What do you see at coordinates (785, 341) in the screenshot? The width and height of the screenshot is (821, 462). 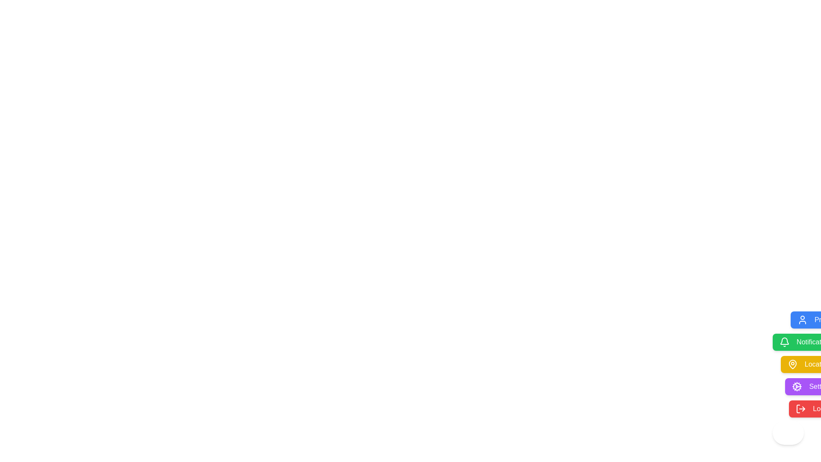 I see `the notification icon located on the right side of the interface, positioned underneath the profile icon and above the location icon` at bounding box center [785, 341].